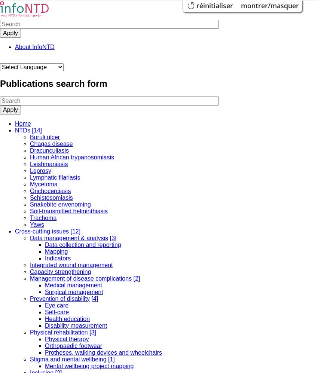  Describe the element at coordinates (73, 291) in the screenshot. I see `'Surgical management'` at that location.